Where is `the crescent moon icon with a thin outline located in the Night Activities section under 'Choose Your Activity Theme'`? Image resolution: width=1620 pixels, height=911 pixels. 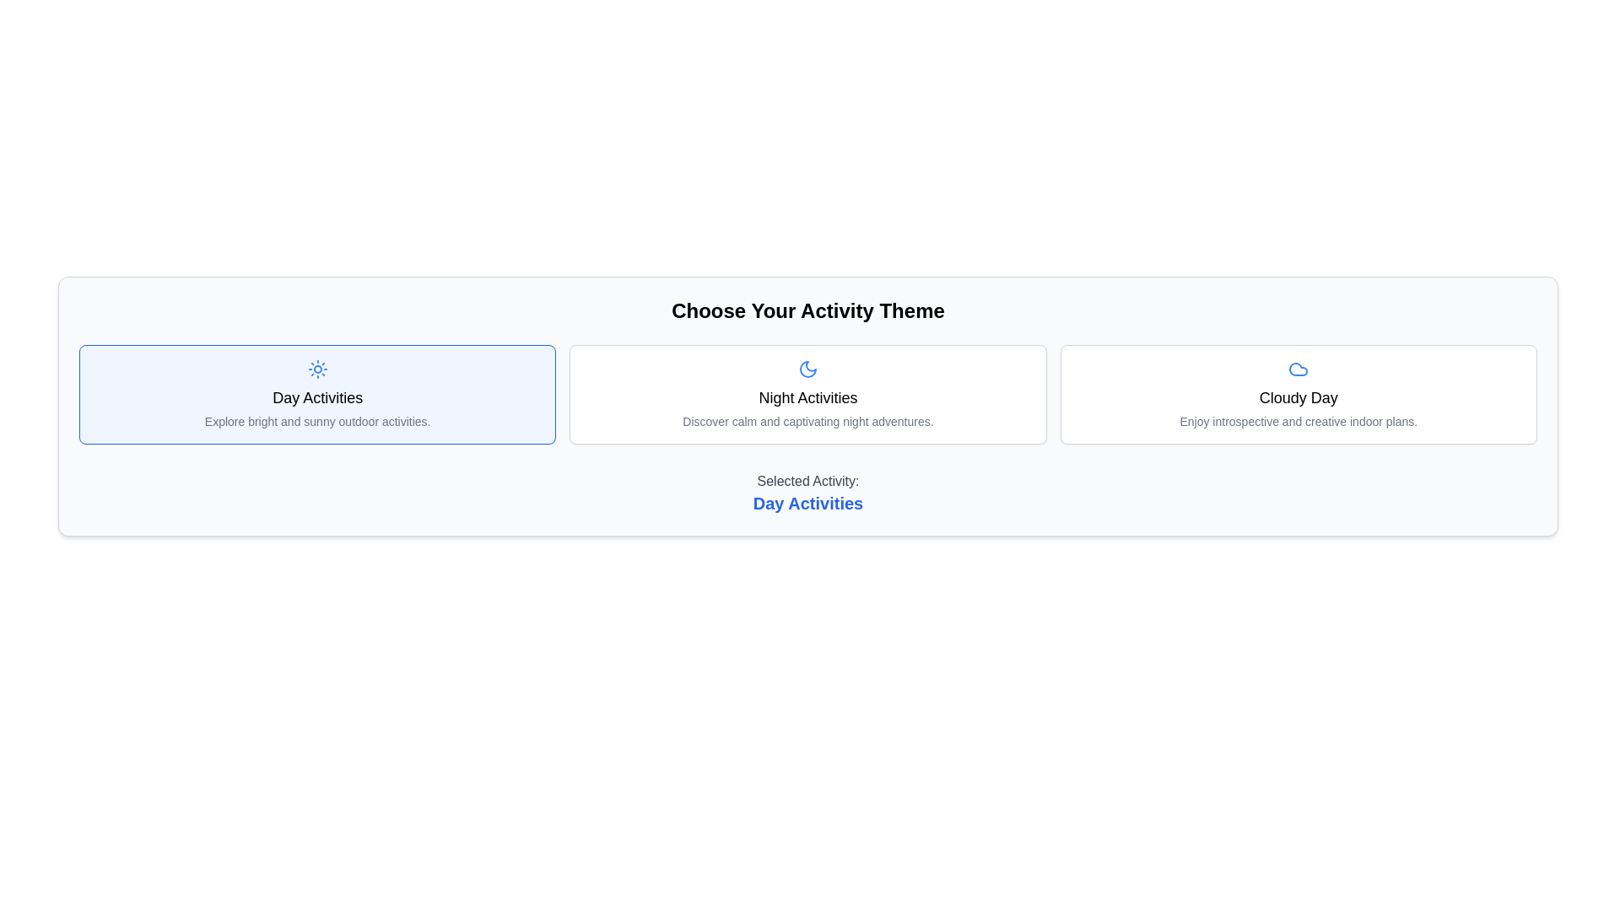
the crescent moon icon with a thin outline located in the Night Activities section under 'Choose Your Activity Theme' is located at coordinates (807, 369).